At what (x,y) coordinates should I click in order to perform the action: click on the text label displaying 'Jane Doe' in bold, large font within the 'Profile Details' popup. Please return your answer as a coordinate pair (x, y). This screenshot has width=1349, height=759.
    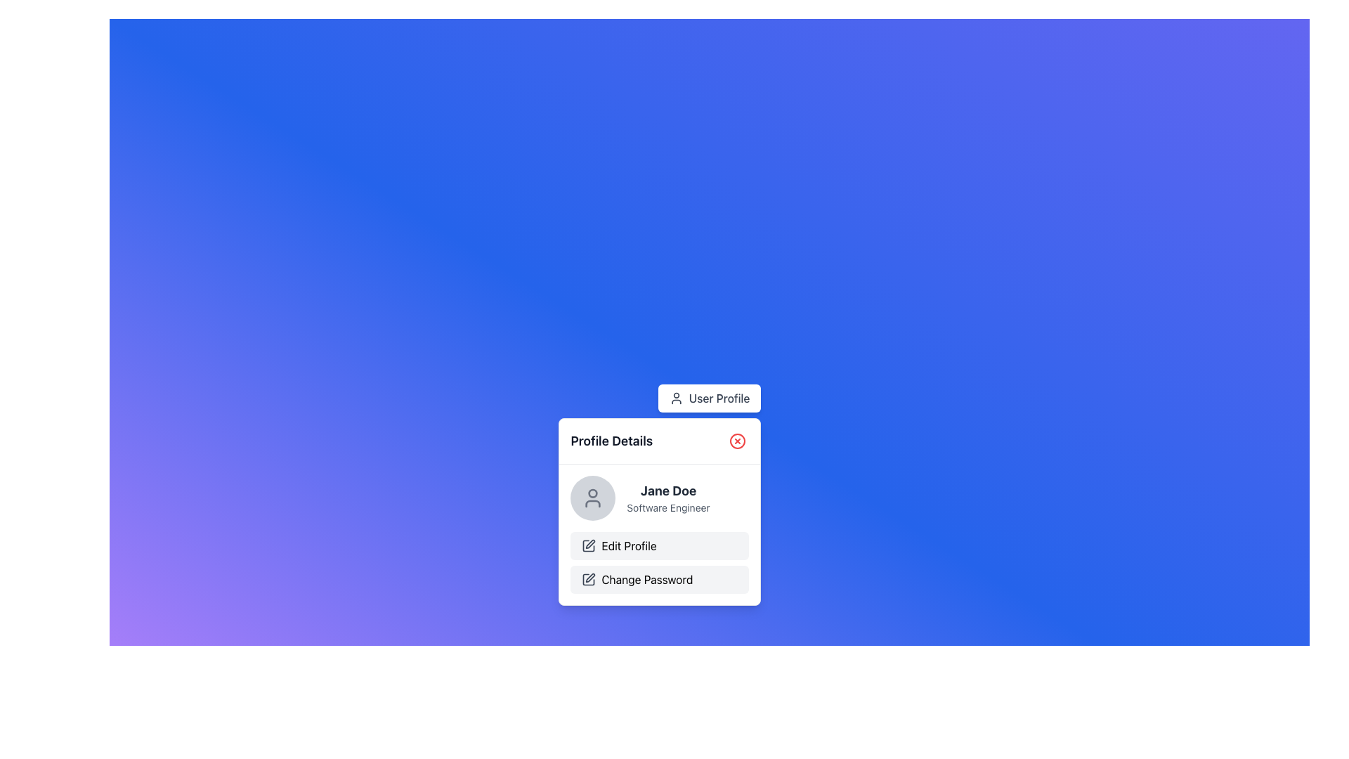
    Looking at the image, I should click on (667, 490).